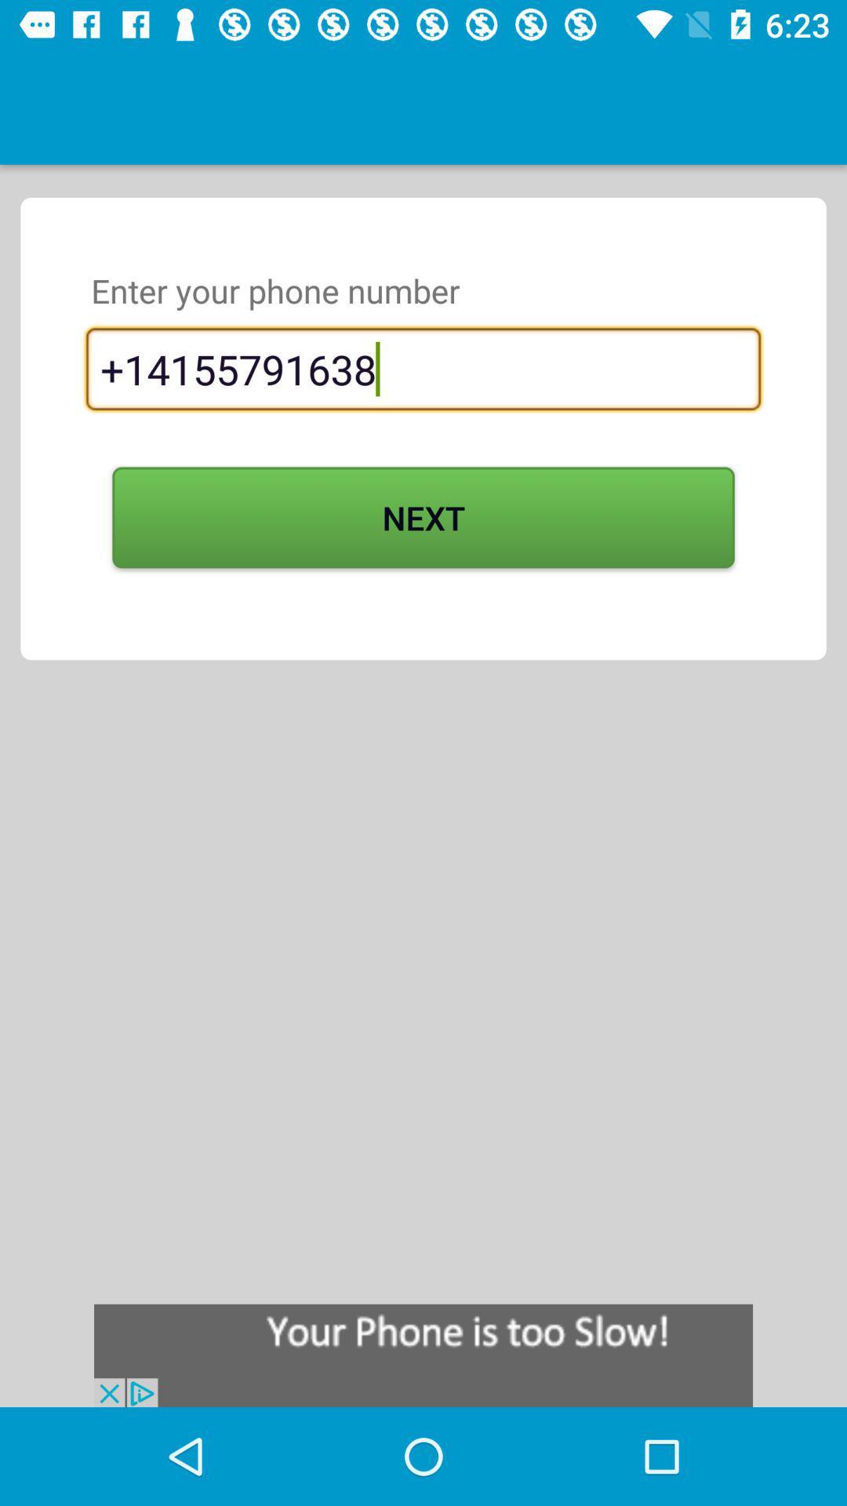  Describe the element at coordinates (423, 1355) in the screenshot. I see `click on advertisement` at that location.